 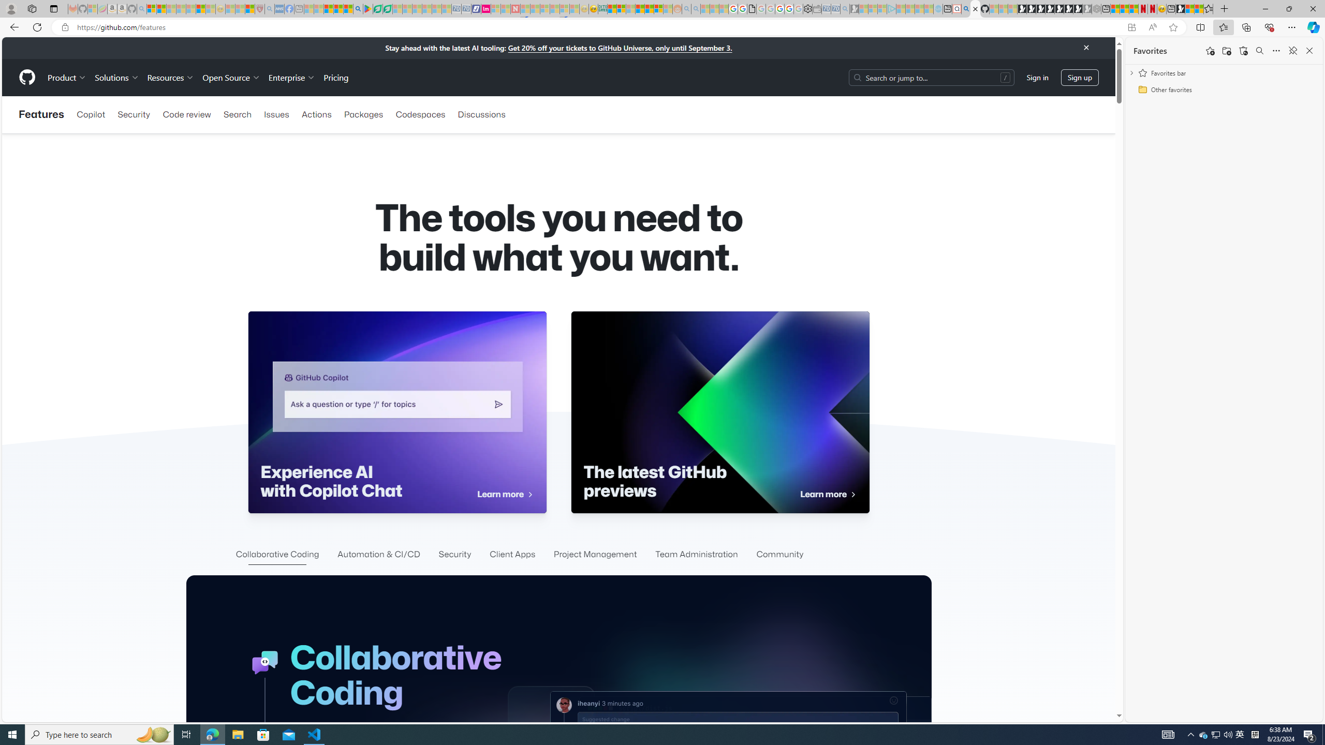 What do you see at coordinates (595, 555) in the screenshot?
I see `'Project Management'` at bounding box center [595, 555].